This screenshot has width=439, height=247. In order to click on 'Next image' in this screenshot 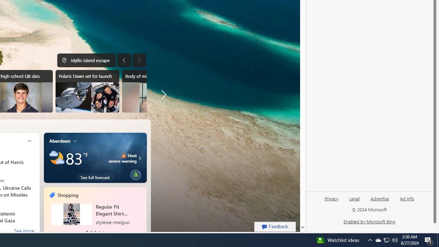, I will do `click(139, 60)`.